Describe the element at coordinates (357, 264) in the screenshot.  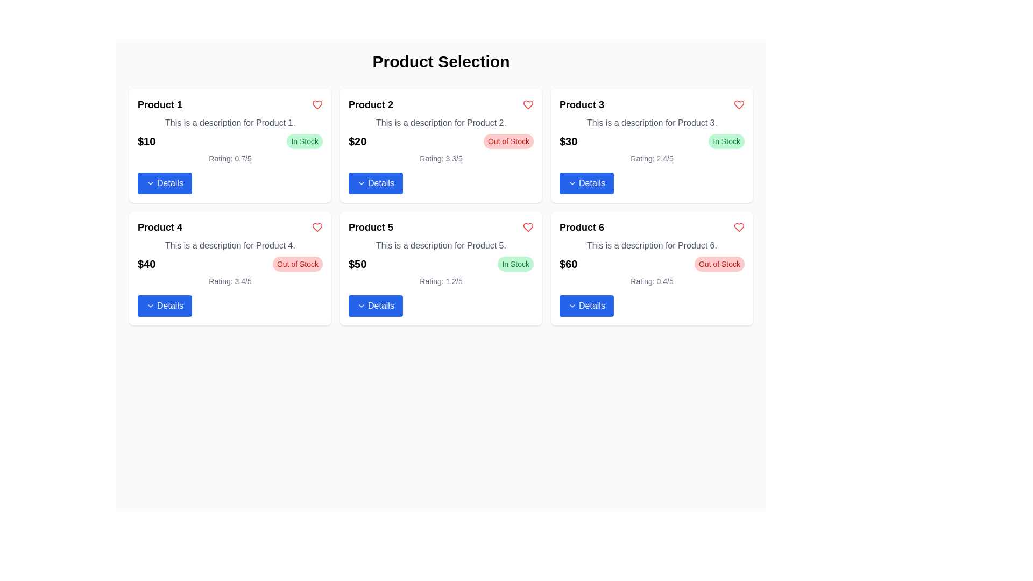
I see `displayed price from the Text Label located in the fifth product card beneath the product description` at that location.